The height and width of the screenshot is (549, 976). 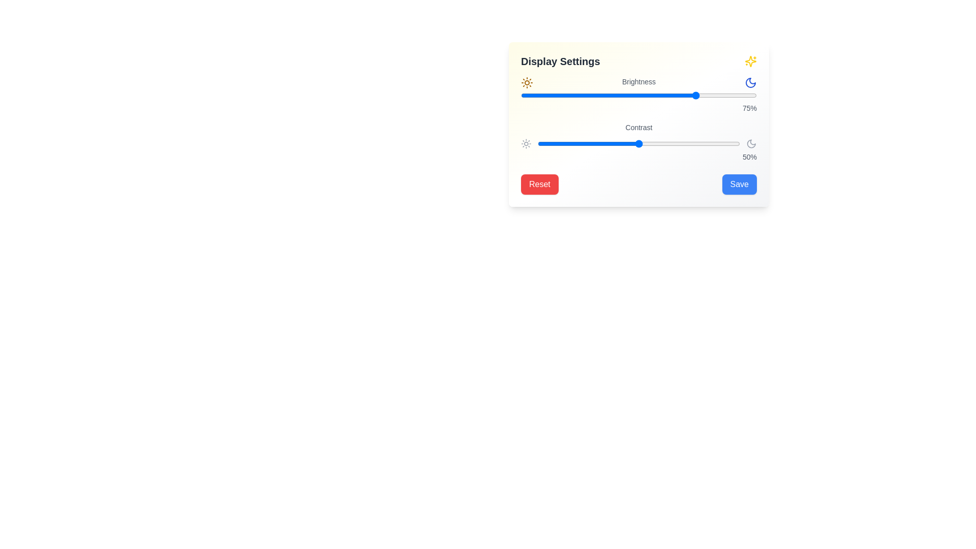 What do you see at coordinates (751, 61) in the screenshot?
I see `the bright yellow star-like icon located in the top-right corner of the 'Display Settings' card interface` at bounding box center [751, 61].